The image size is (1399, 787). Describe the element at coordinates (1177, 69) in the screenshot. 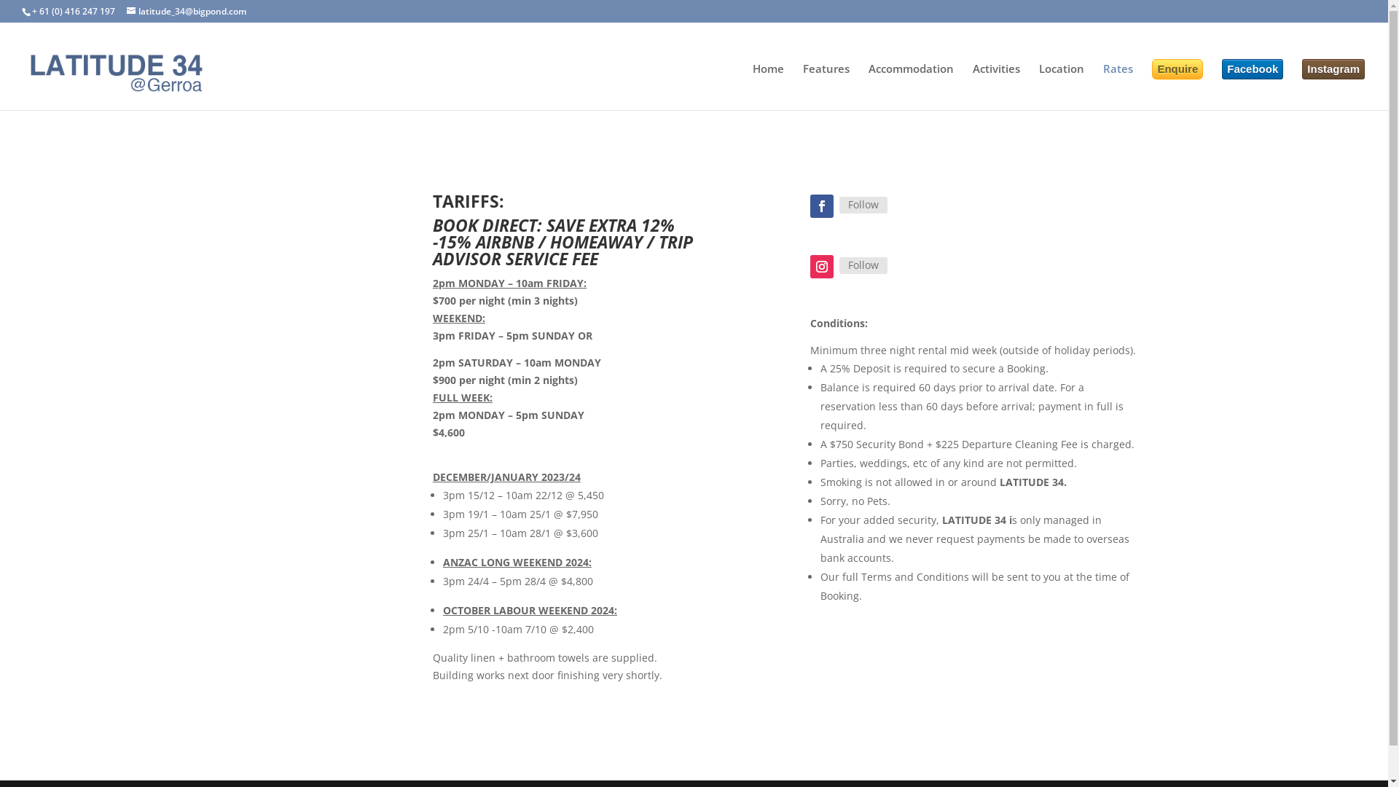

I see `'Enquire'` at that location.